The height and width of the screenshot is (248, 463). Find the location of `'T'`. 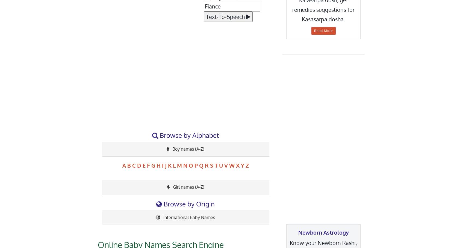

'T' is located at coordinates (216, 165).